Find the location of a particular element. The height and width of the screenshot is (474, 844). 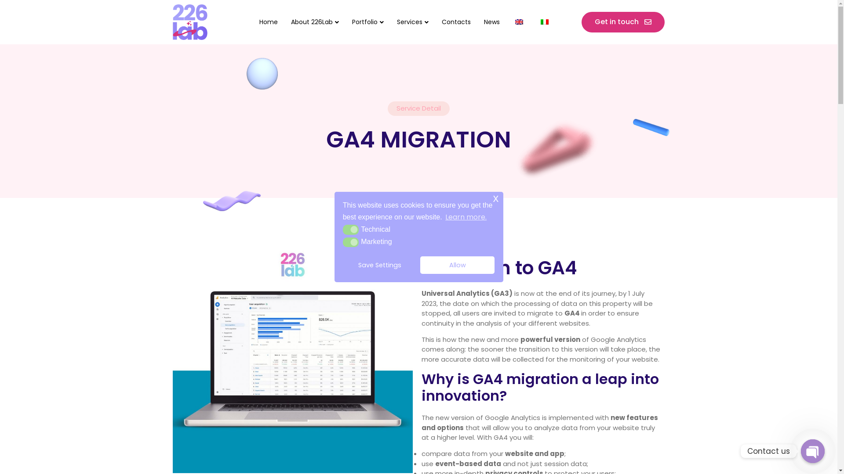

'Portfolio' is located at coordinates (367, 22).